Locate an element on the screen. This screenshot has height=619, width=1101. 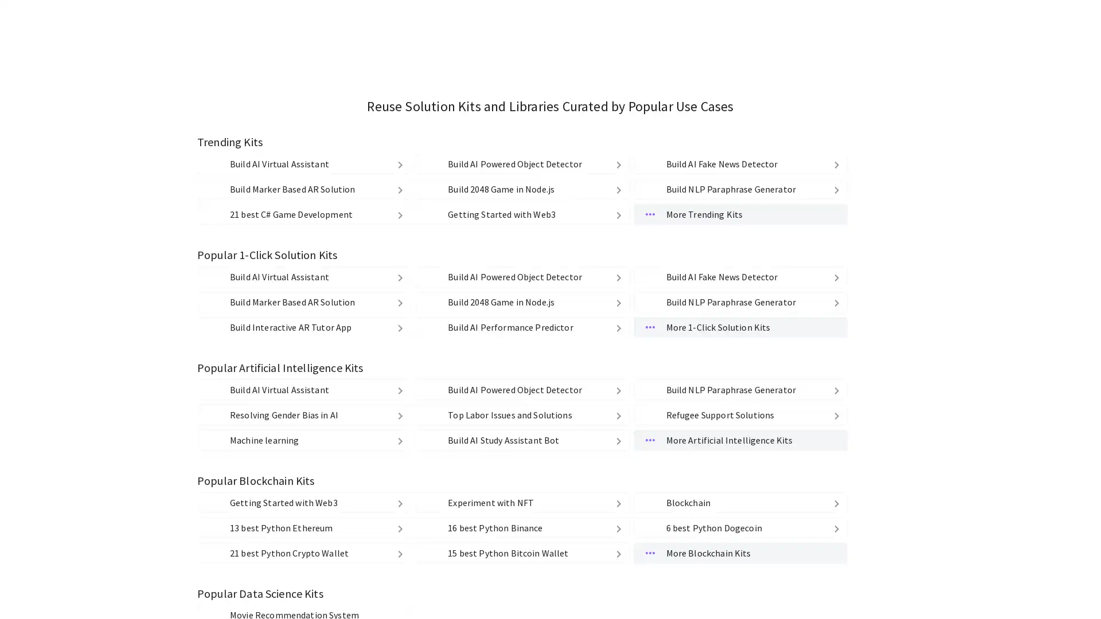
My Kits is located at coordinates (853, 61).